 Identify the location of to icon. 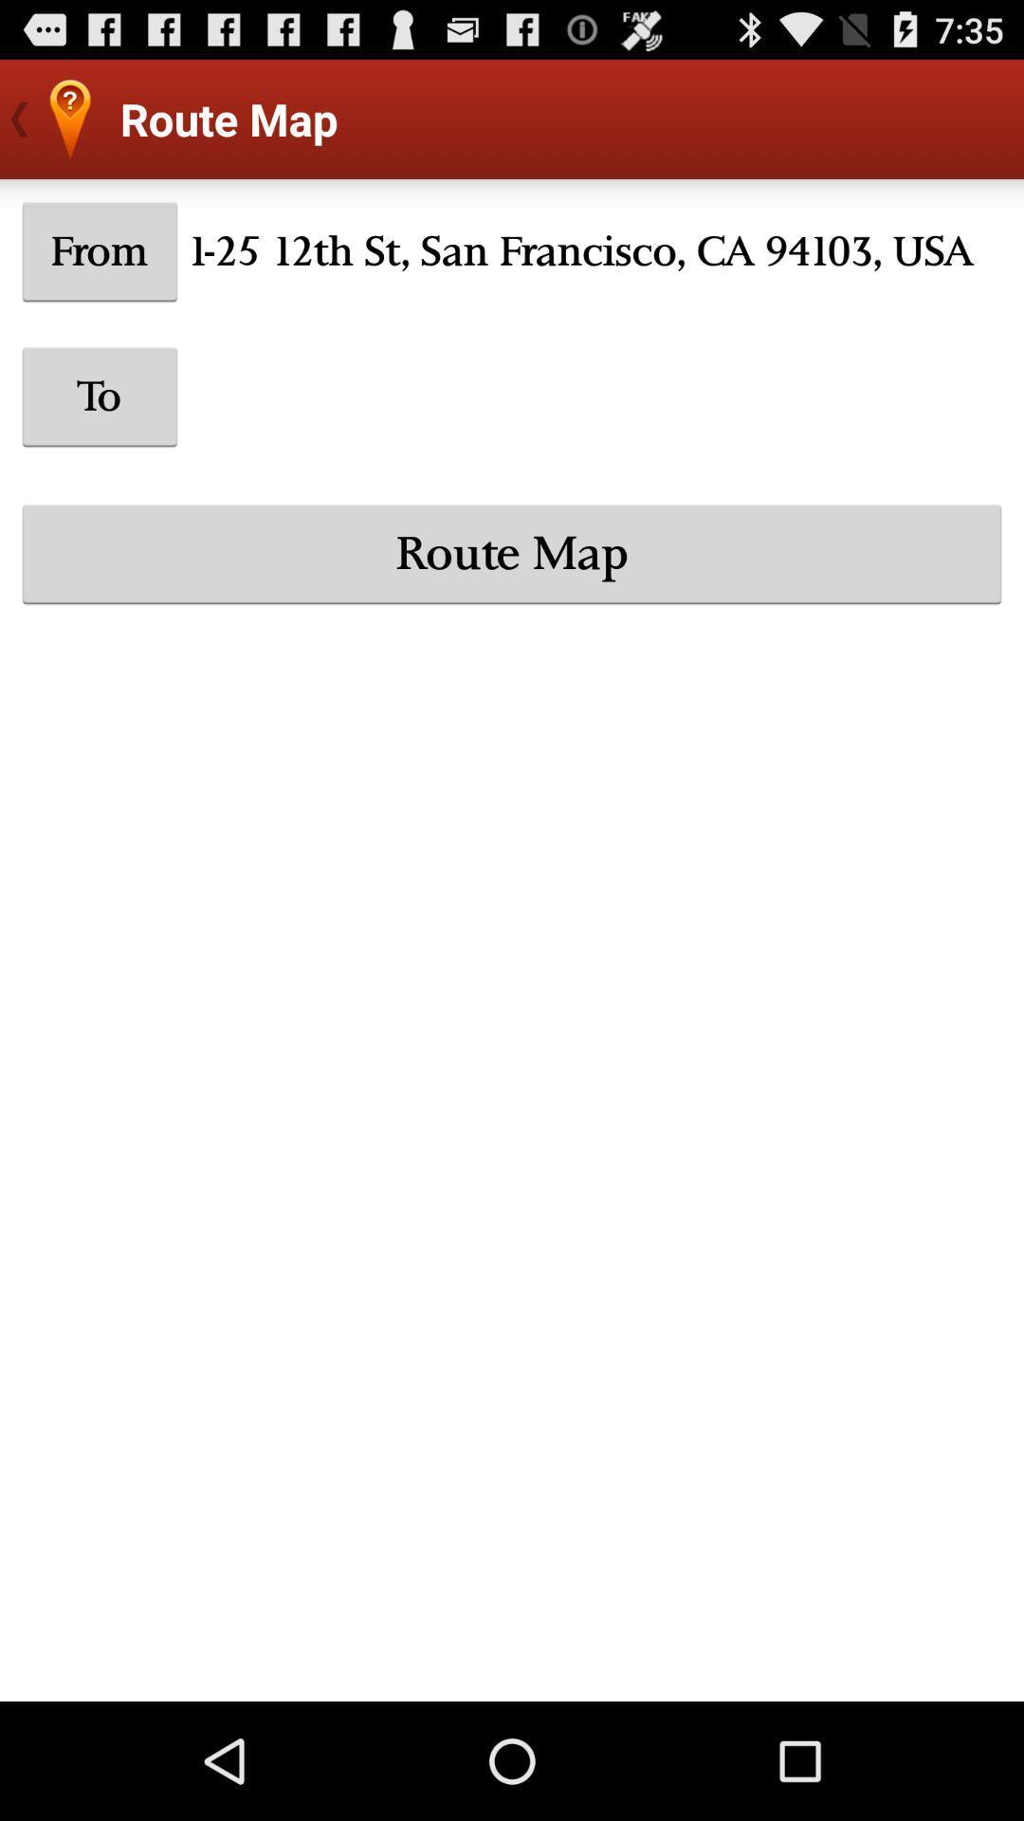
(100, 395).